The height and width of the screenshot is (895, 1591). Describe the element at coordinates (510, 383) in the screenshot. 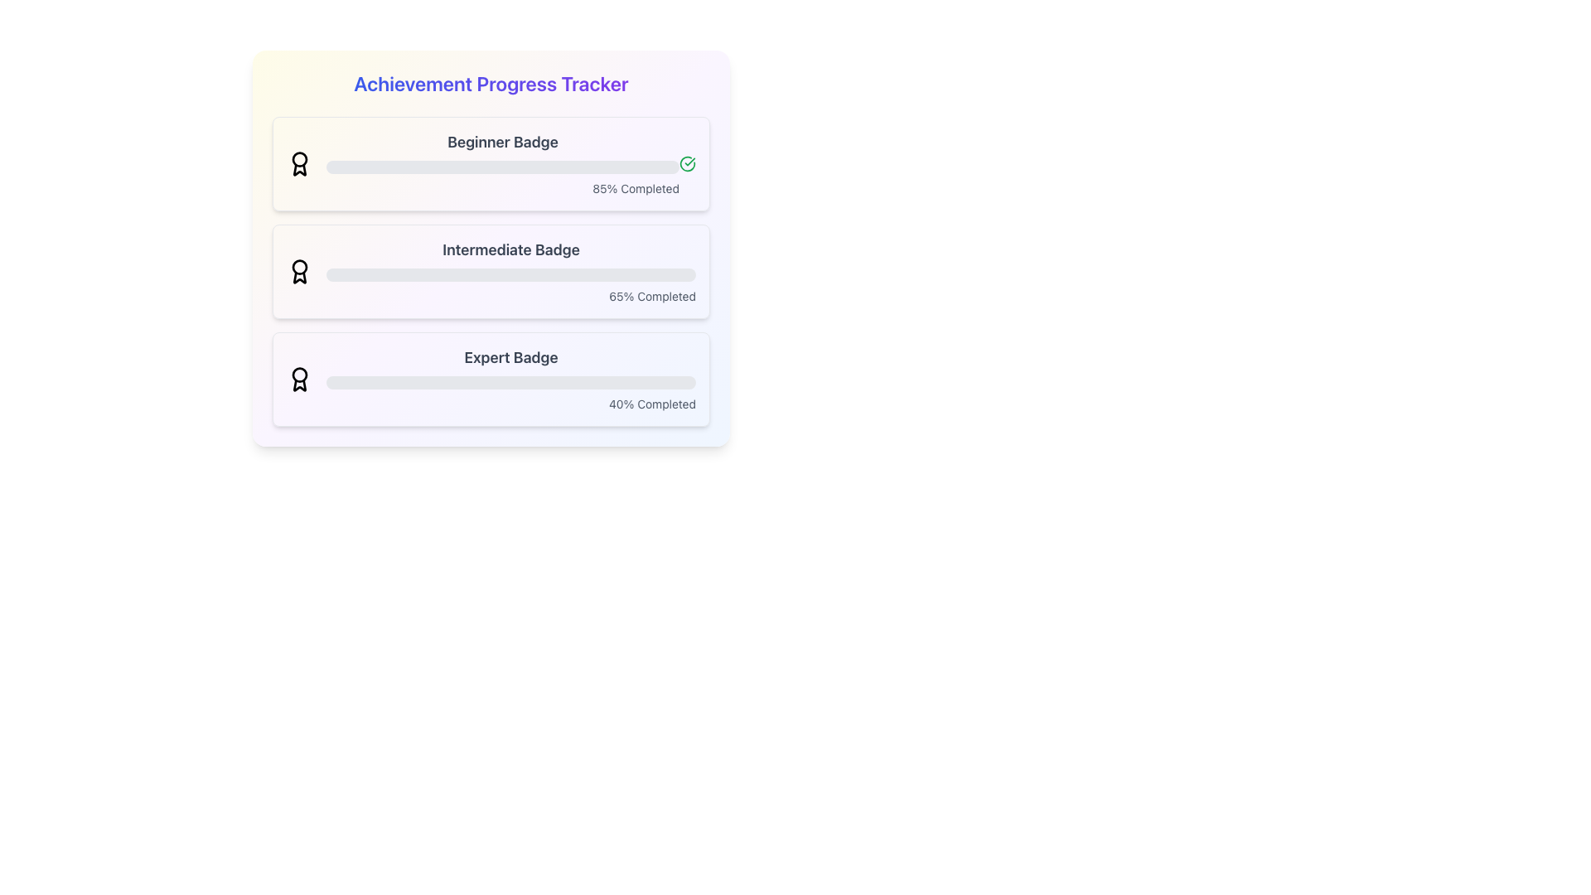

I see `the progress bar indicating the completion status of the 'Expert Badge' level, which shows 40% progress` at that location.